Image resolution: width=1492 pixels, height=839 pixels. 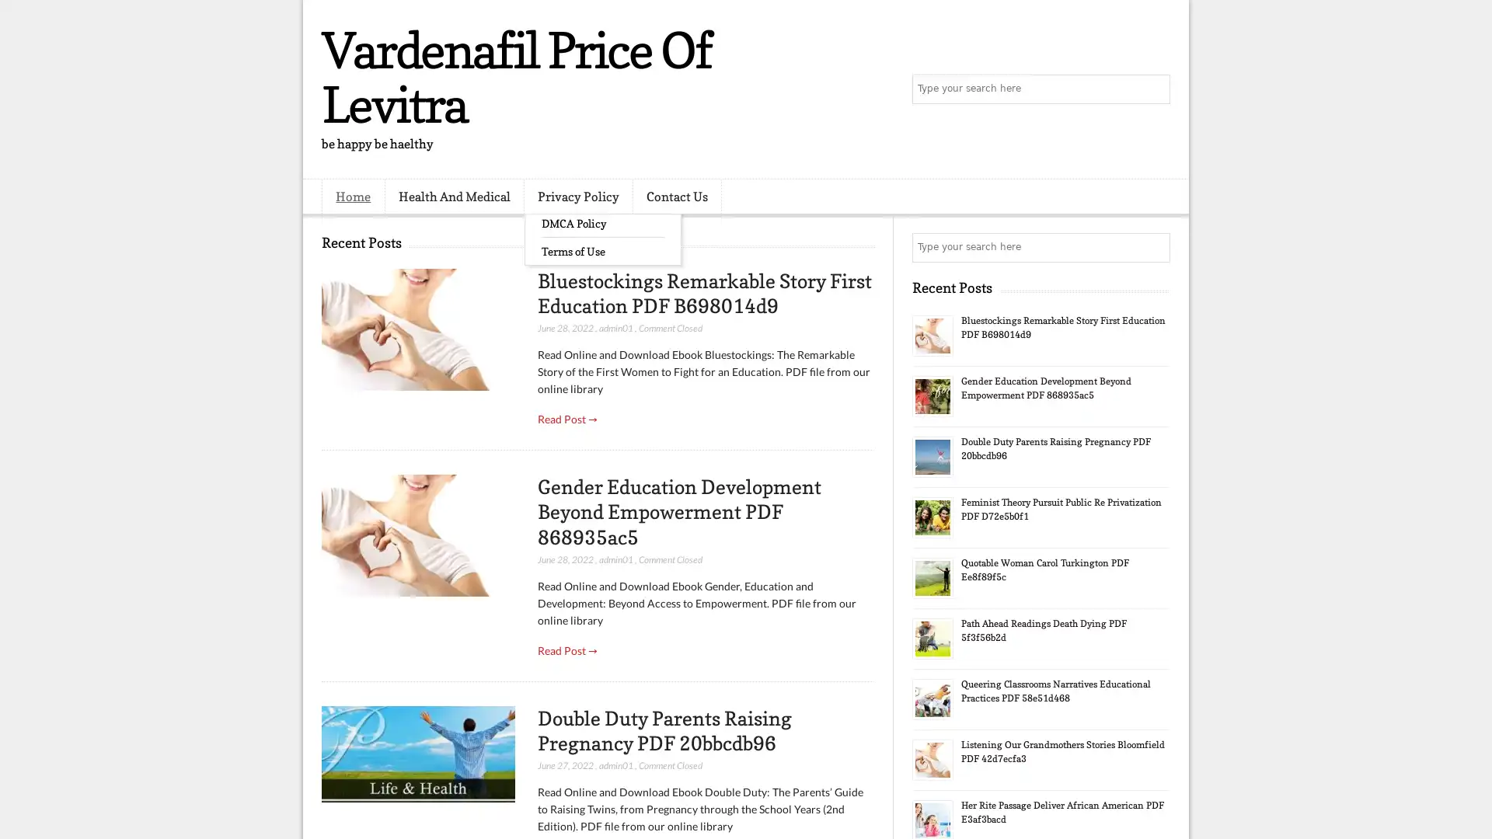 I want to click on Search, so click(x=1154, y=247).